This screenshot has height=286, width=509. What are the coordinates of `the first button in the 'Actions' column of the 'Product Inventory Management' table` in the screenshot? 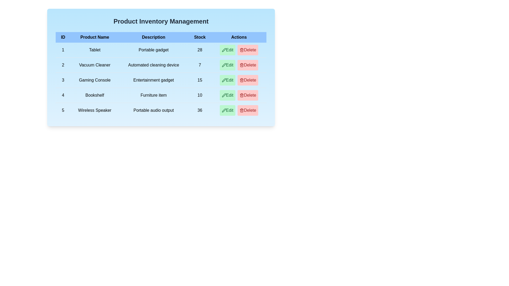 It's located at (227, 50).